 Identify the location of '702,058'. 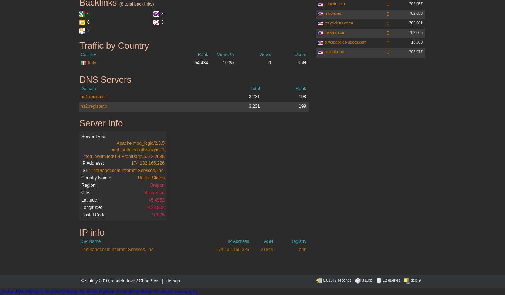
(415, 13).